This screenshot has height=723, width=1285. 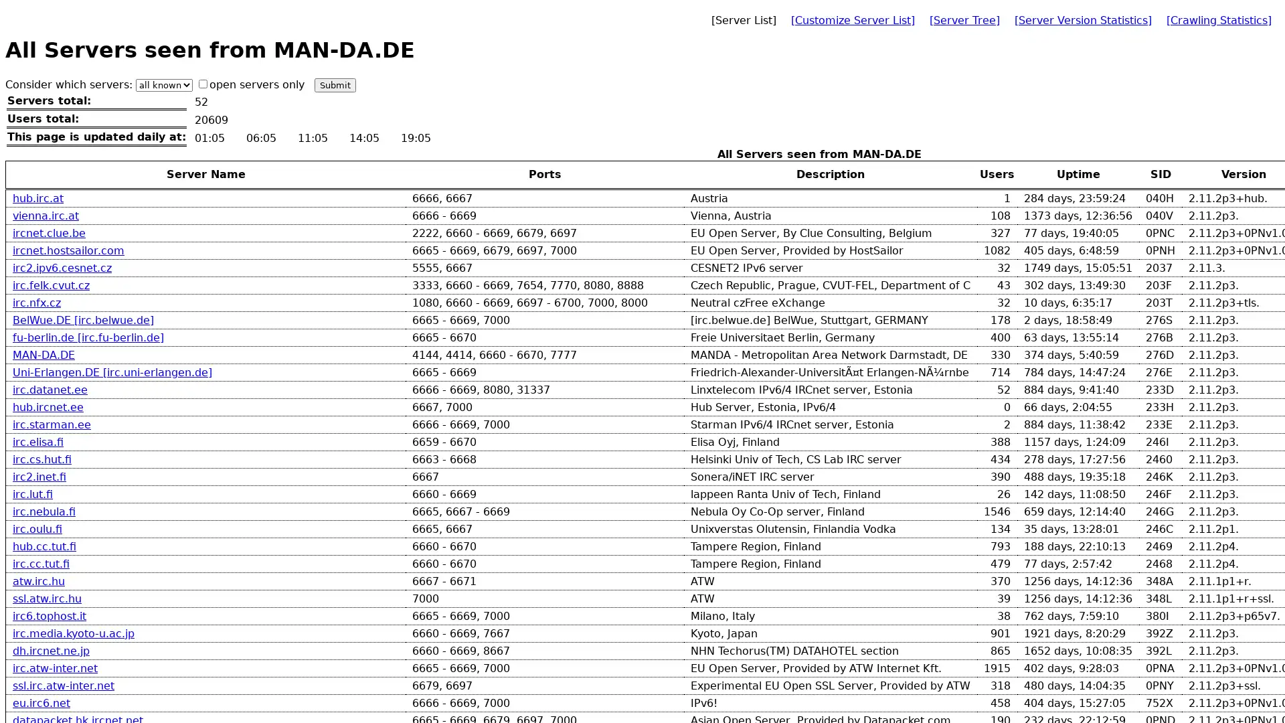 I want to click on Submit, so click(x=335, y=84).